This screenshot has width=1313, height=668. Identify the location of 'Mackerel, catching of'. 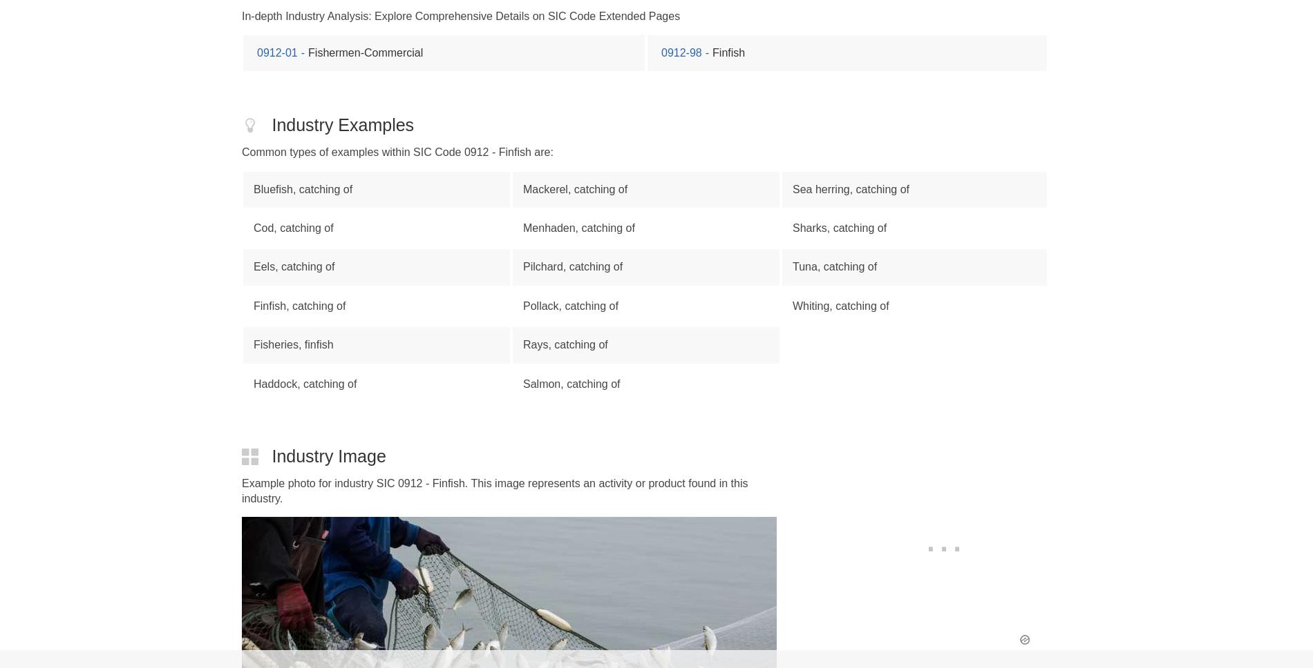
(574, 188).